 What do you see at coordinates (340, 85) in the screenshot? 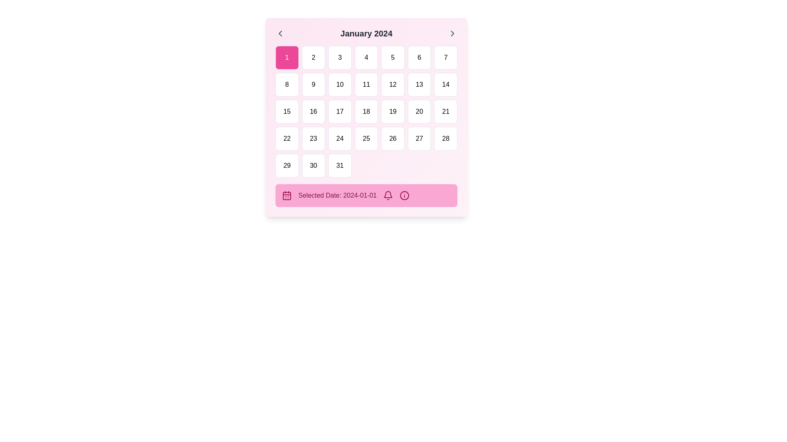
I see `the button with the text '10' in the second row and third column of the date grid` at bounding box center [340, 85].